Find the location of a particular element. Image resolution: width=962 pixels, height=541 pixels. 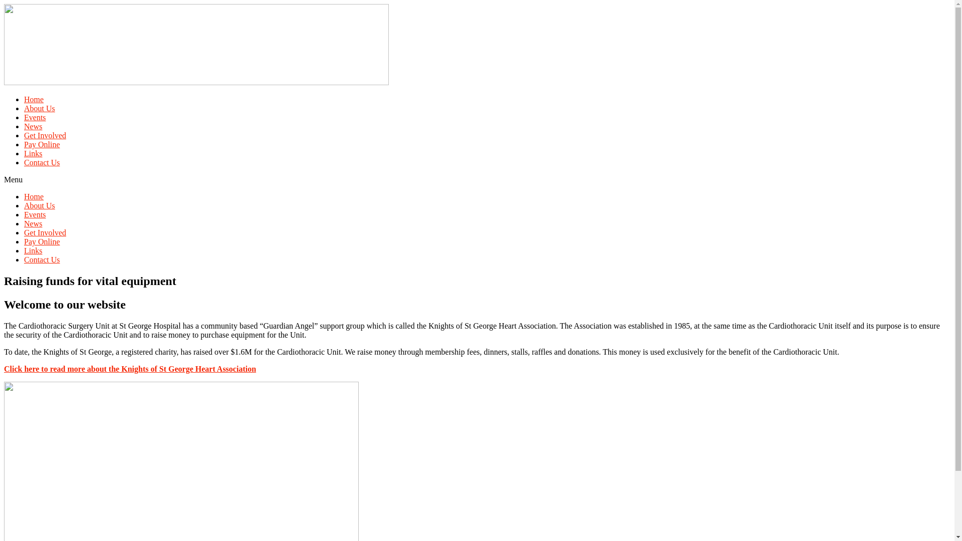

'Get Involved' is located at coordinates (45, 232).